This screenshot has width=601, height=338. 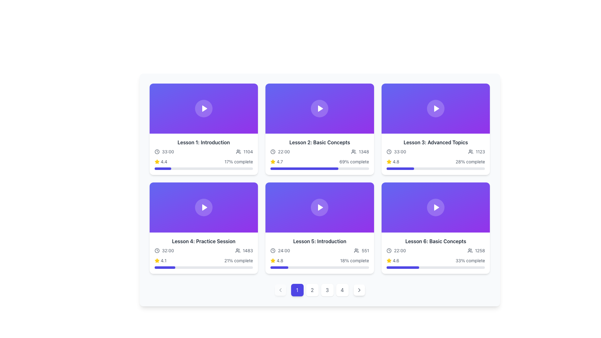 I want to click on the center of the triangular play icon, which is styled with a white fill and positioned against a gradient purple background, located on the third lesson card in the top row of the grid layout, so click(x=436, y=108).